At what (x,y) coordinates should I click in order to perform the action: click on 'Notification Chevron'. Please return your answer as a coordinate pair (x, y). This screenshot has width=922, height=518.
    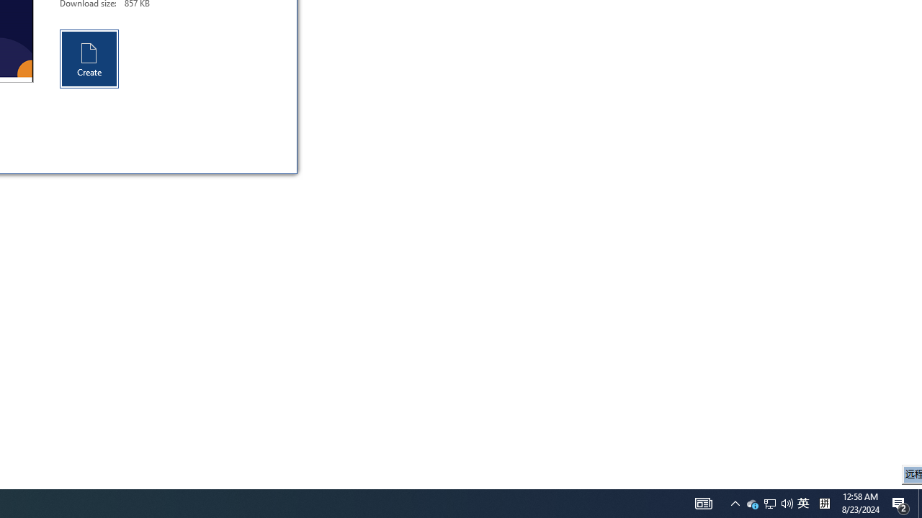
    Looking at the image, I should click on (769, 502).